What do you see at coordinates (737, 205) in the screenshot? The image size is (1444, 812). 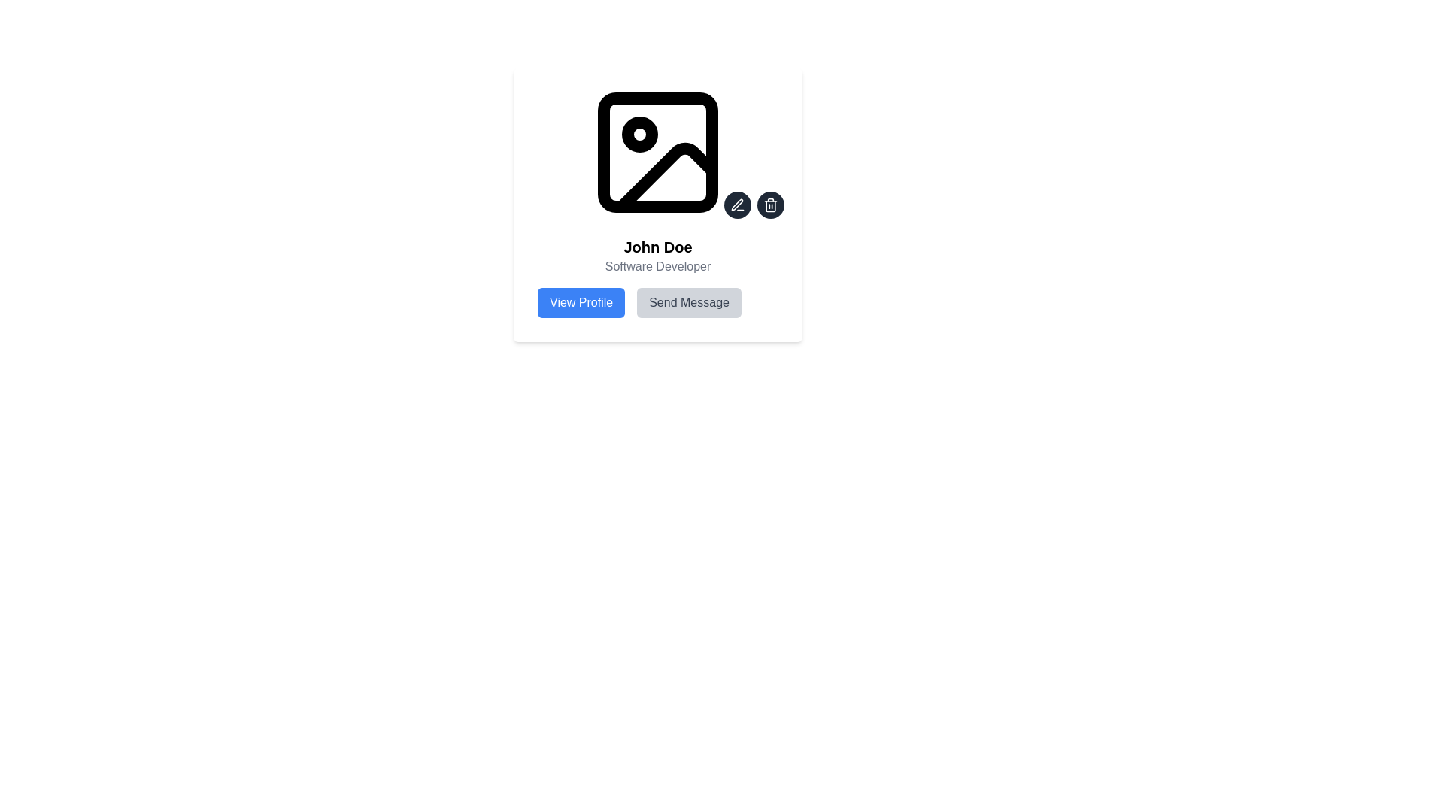 I see `the circular edit button with a dark gray background and white pencil icon located in the bottom-right section of the visual profile card to initiate an edit action` at bounding box center [737, 205].